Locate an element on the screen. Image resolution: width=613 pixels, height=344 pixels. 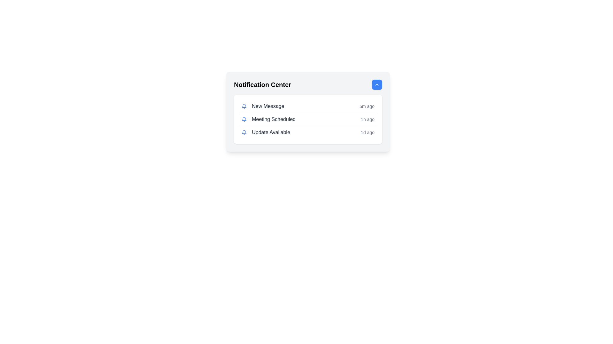
the notification list item titled 'Meeting Scheduled' that occurred '1h ago', which is the second item is located at coordinates (308, 119).